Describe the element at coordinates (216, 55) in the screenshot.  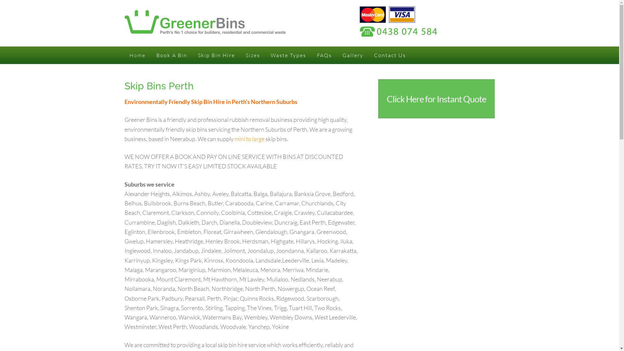
I see `'Skip Bin Hire'` at that location.